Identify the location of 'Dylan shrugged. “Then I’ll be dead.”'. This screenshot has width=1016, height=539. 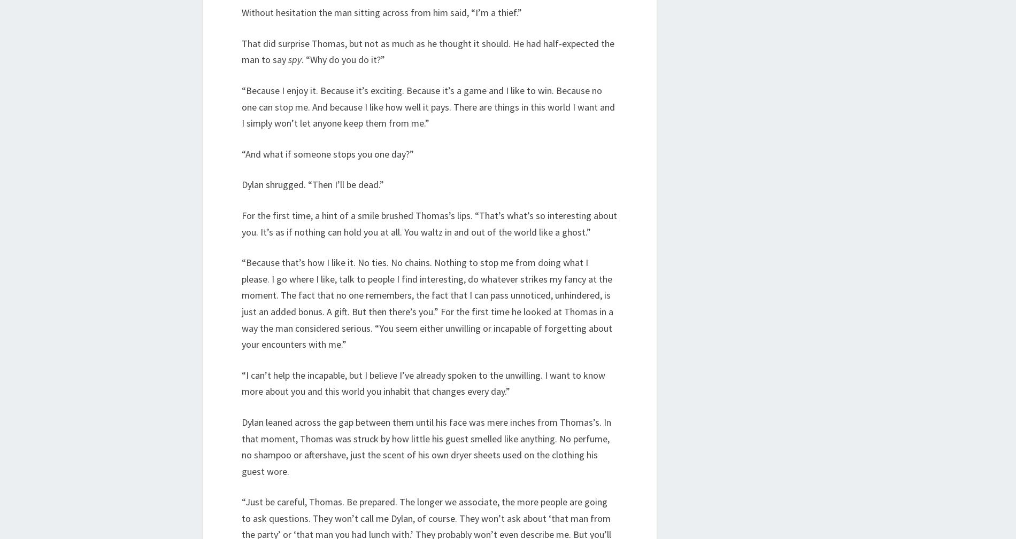
(313, 184).